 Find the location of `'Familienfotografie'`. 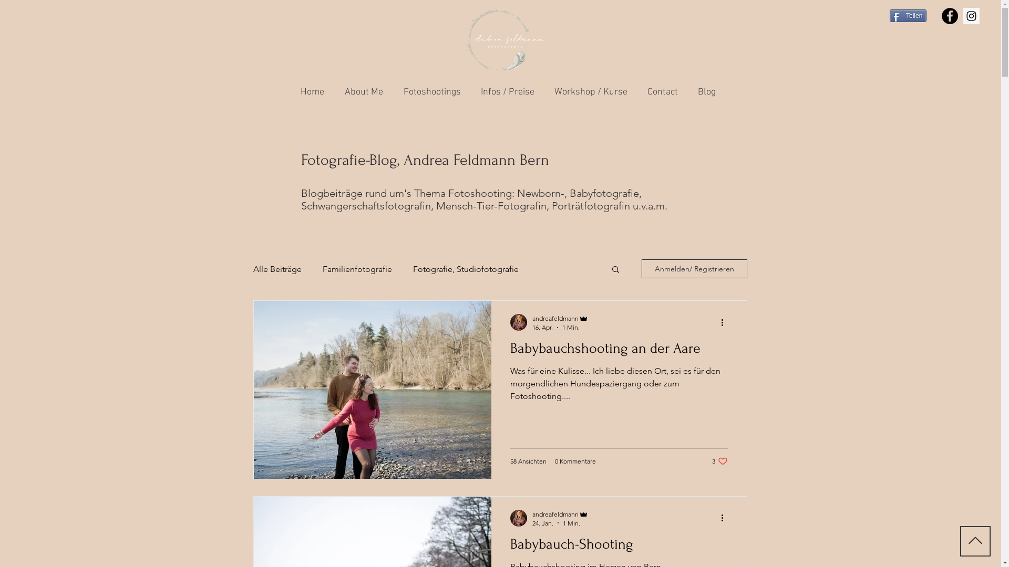

'Familienfotografie' is located at coordinates (357, 268).